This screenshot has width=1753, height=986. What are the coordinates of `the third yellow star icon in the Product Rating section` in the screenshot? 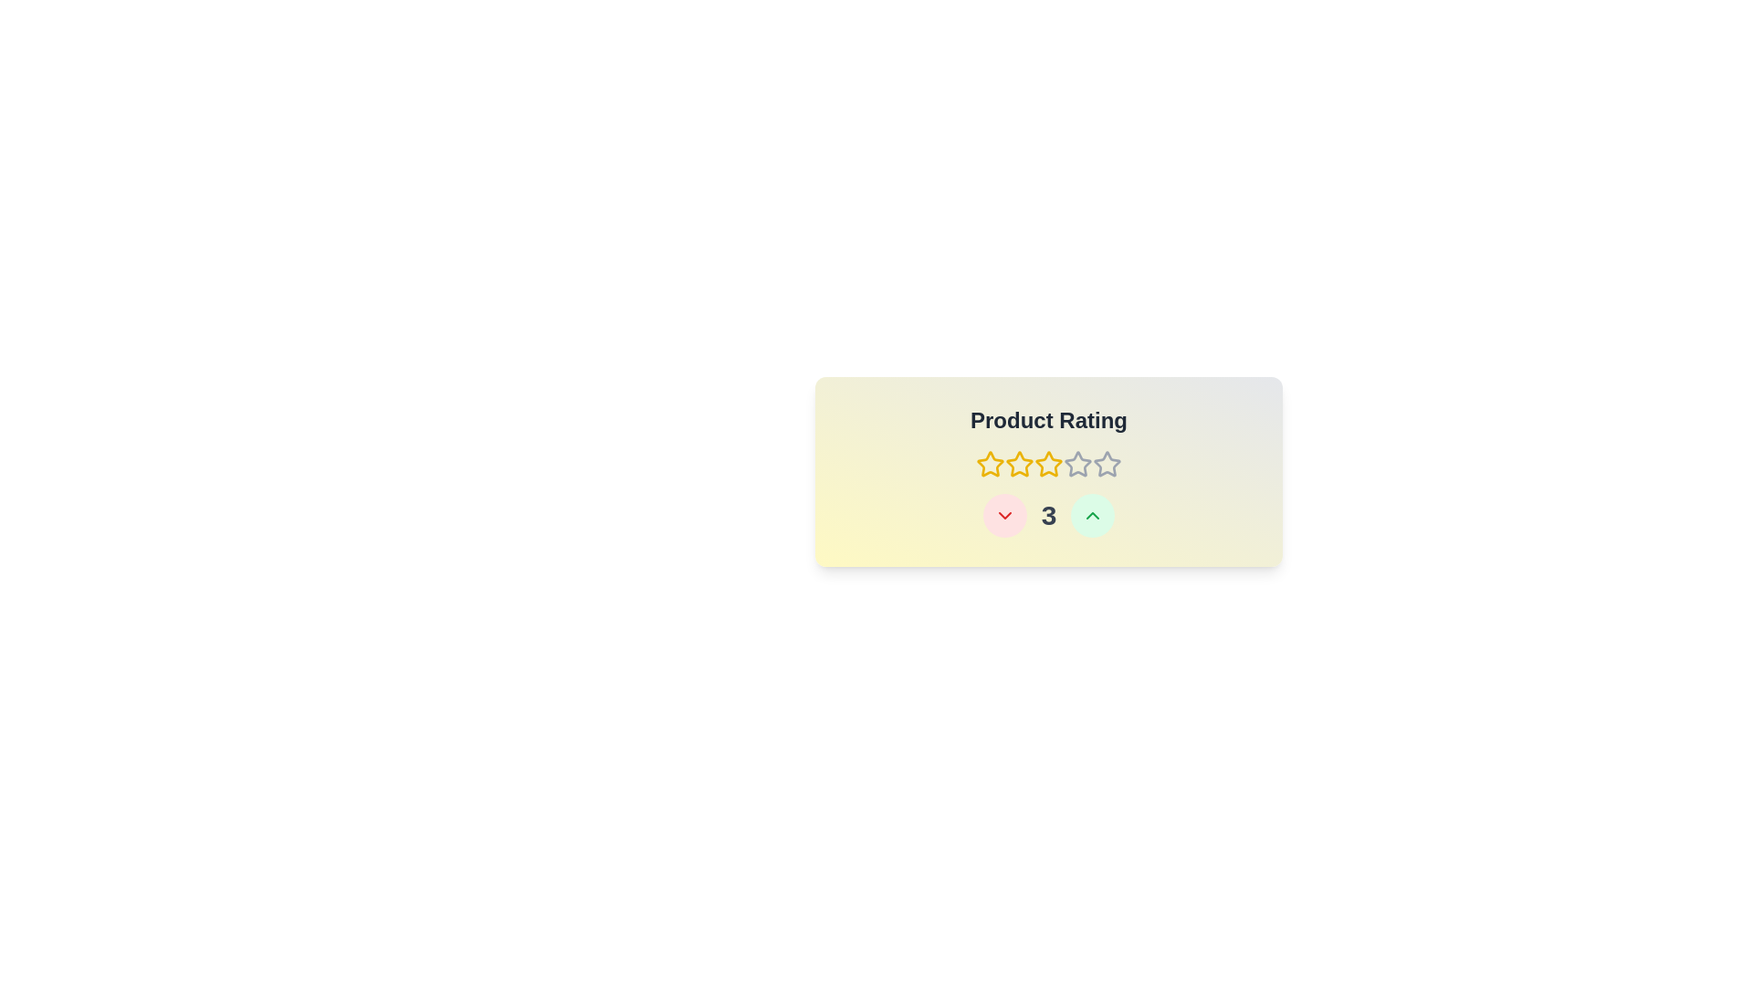 It's located at (1048, 470).